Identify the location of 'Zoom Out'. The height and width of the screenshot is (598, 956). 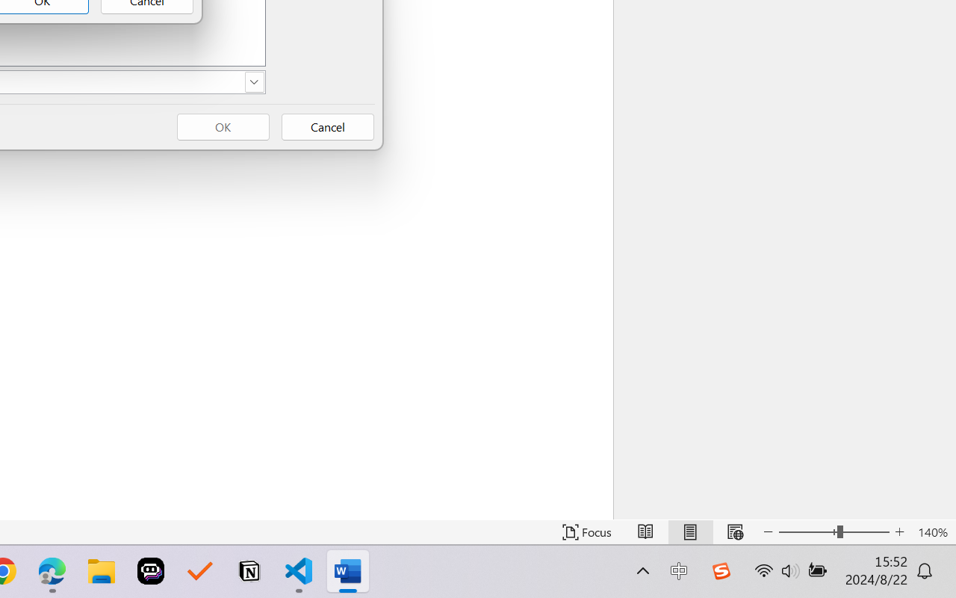
(807, 531).